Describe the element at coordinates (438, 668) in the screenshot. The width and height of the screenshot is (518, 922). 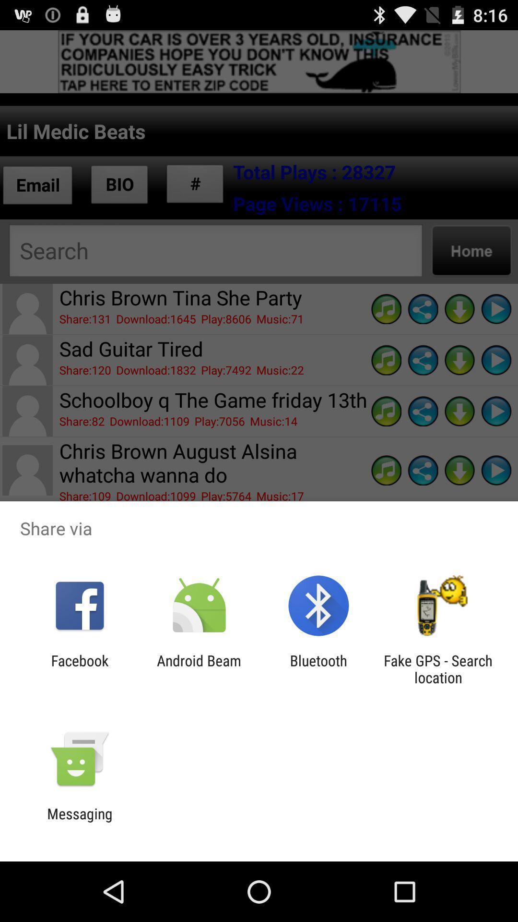
I see `fake gps search at the bottom right corner` at that location.